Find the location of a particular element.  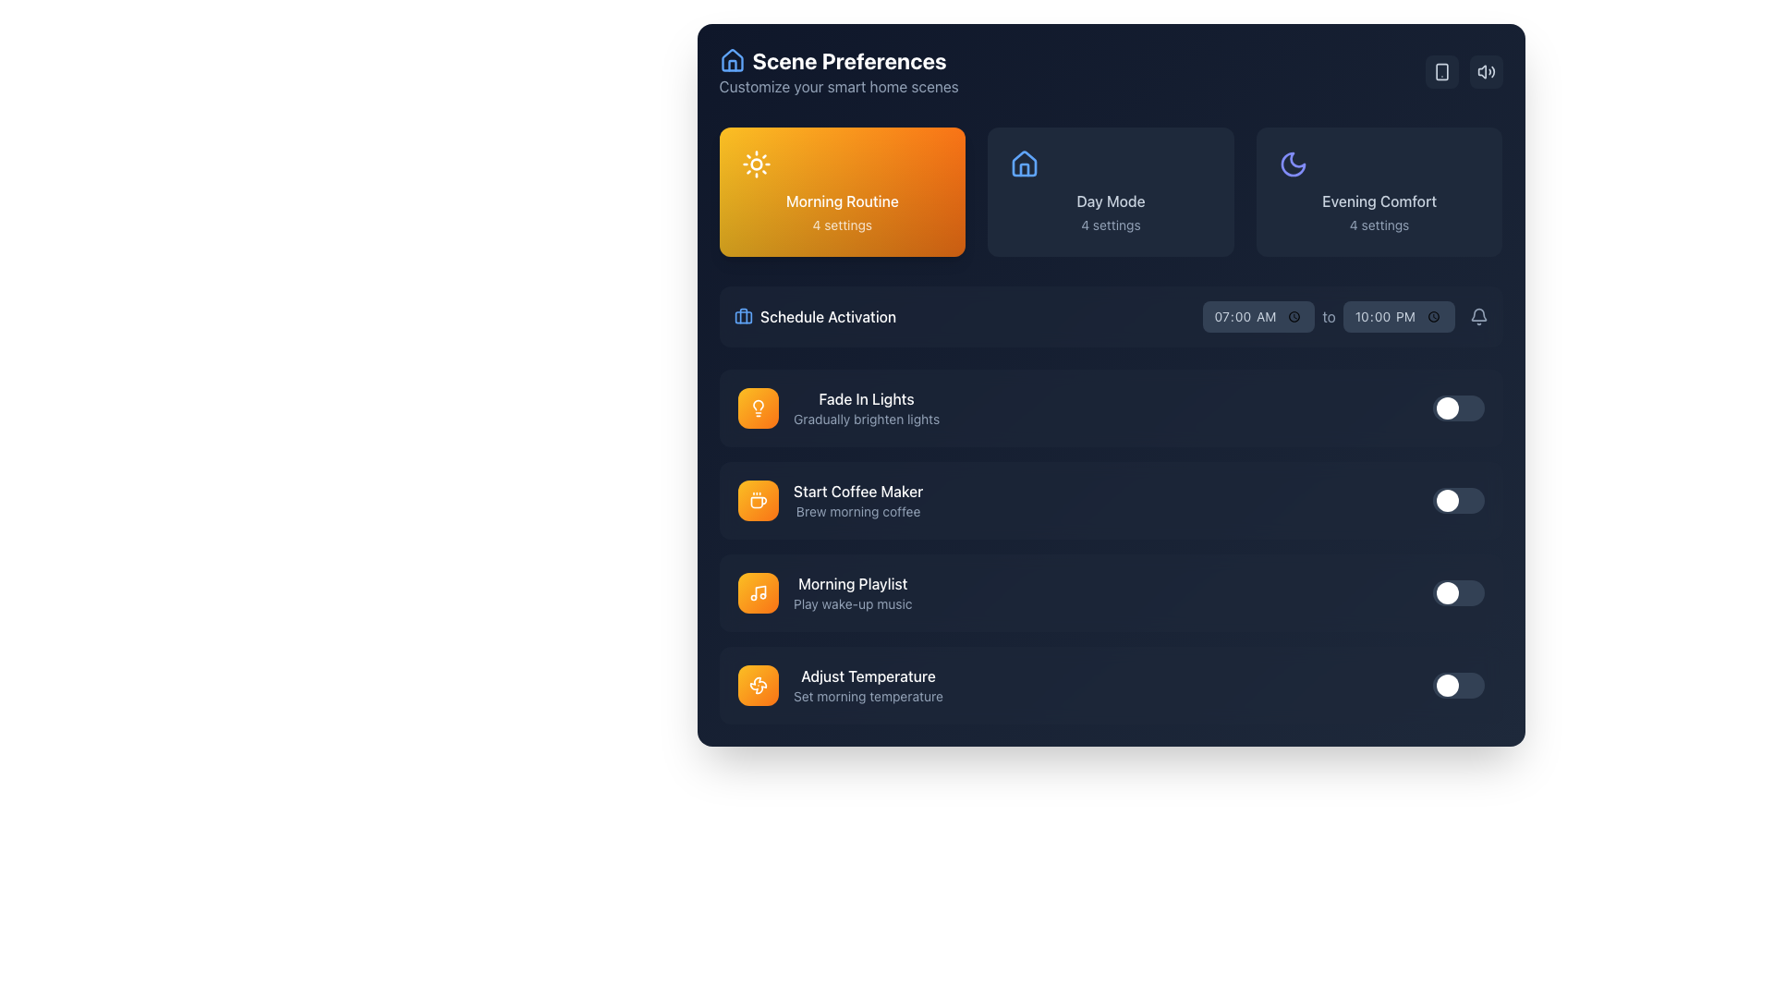

the 'Scene Preferences' icon located at the upper-left corner of its title area is located at coordinates (731, 59).